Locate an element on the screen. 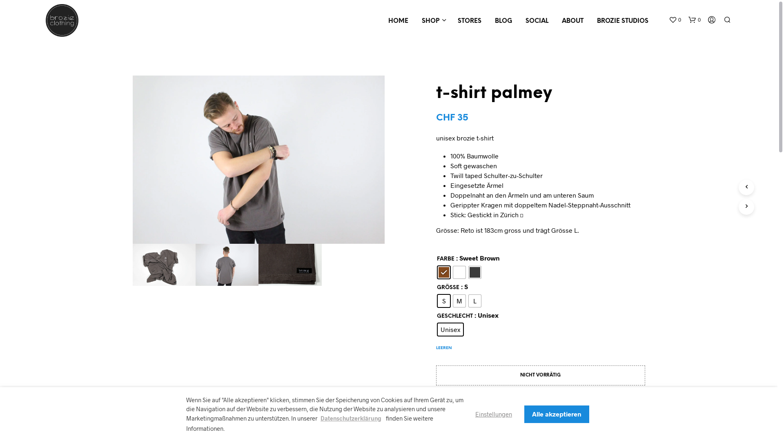 The image size is (784, 441). 'SOCIAL' is located at coordinates (519, 21).